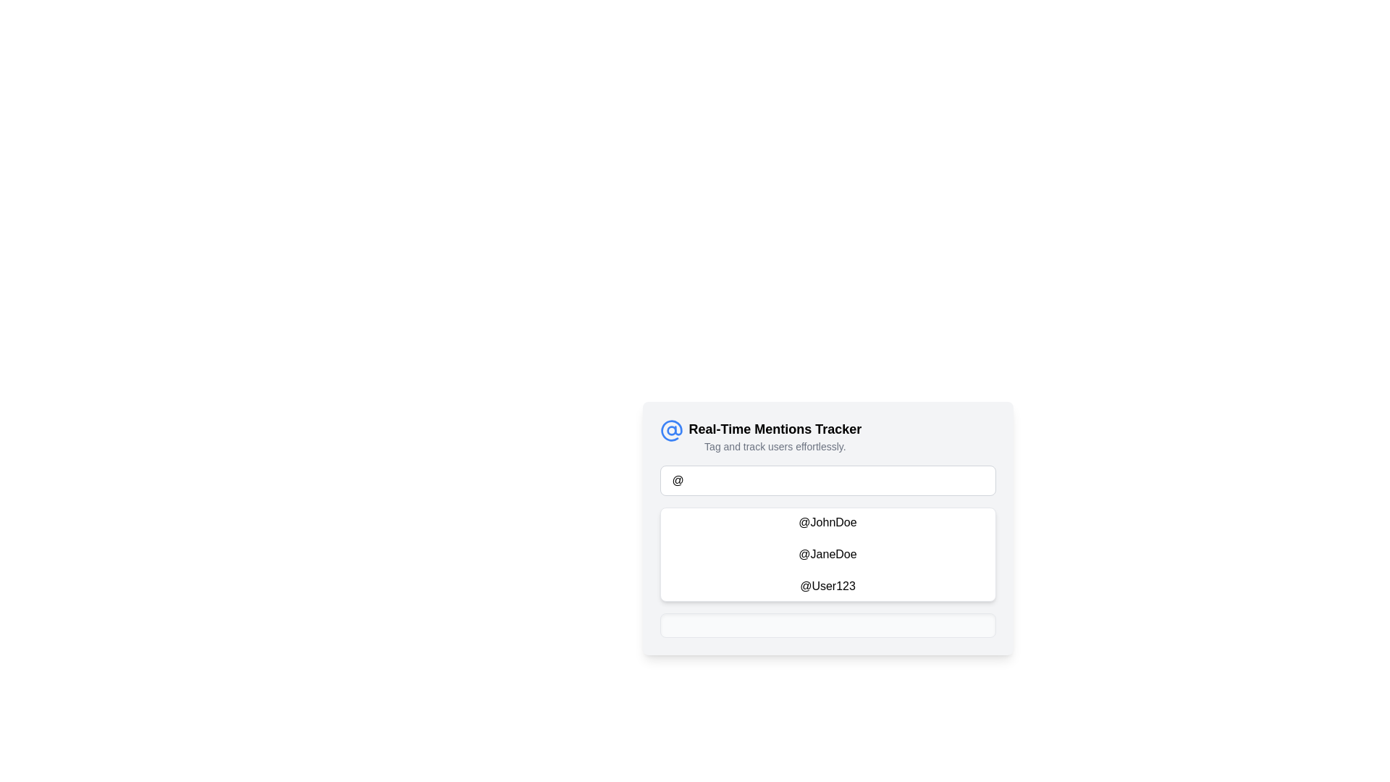 The height and width of the screenshot is (782, 1390). I want to click on the user mention '@JohnDoe' which is the first item, so click(827, 528).